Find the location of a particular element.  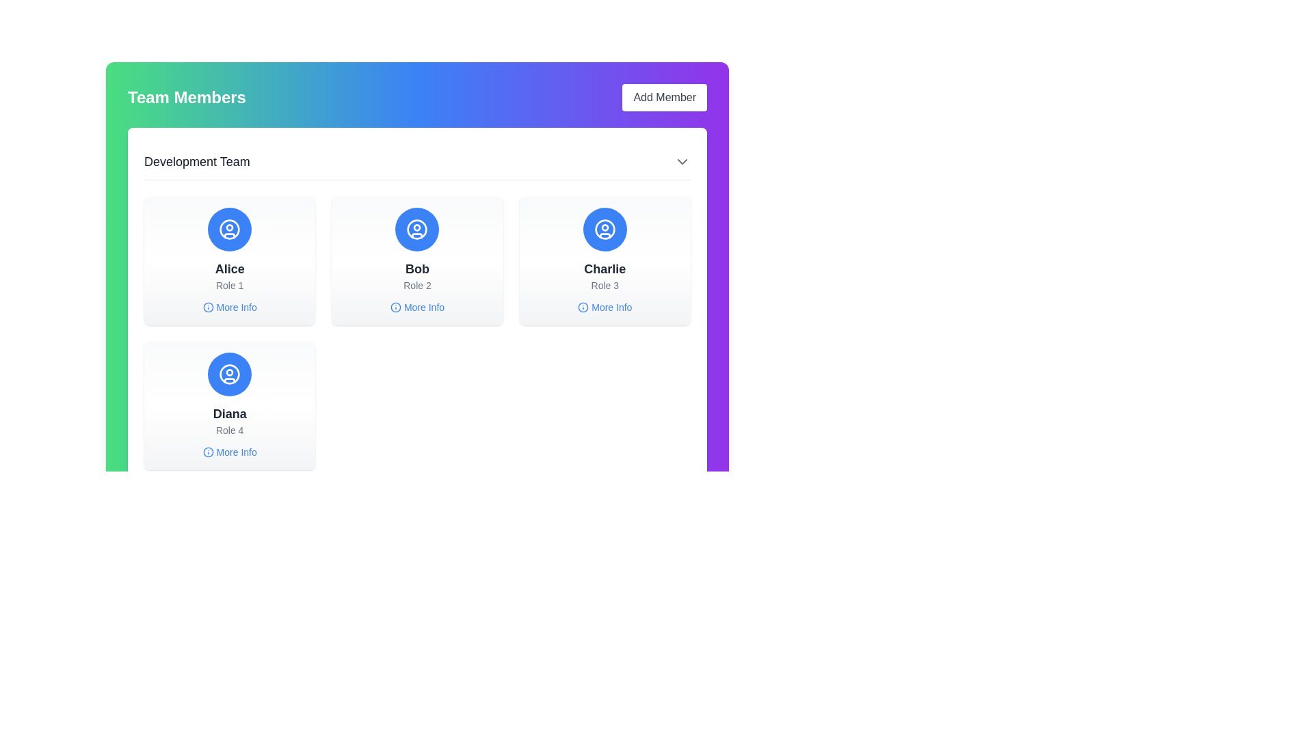

the circular 'i' icon with blue outlines located to the left of the 'More Info' text in the top left card of the grid structure containing 'Alice' and 'Role 1' is located at coordinates (207, 307).